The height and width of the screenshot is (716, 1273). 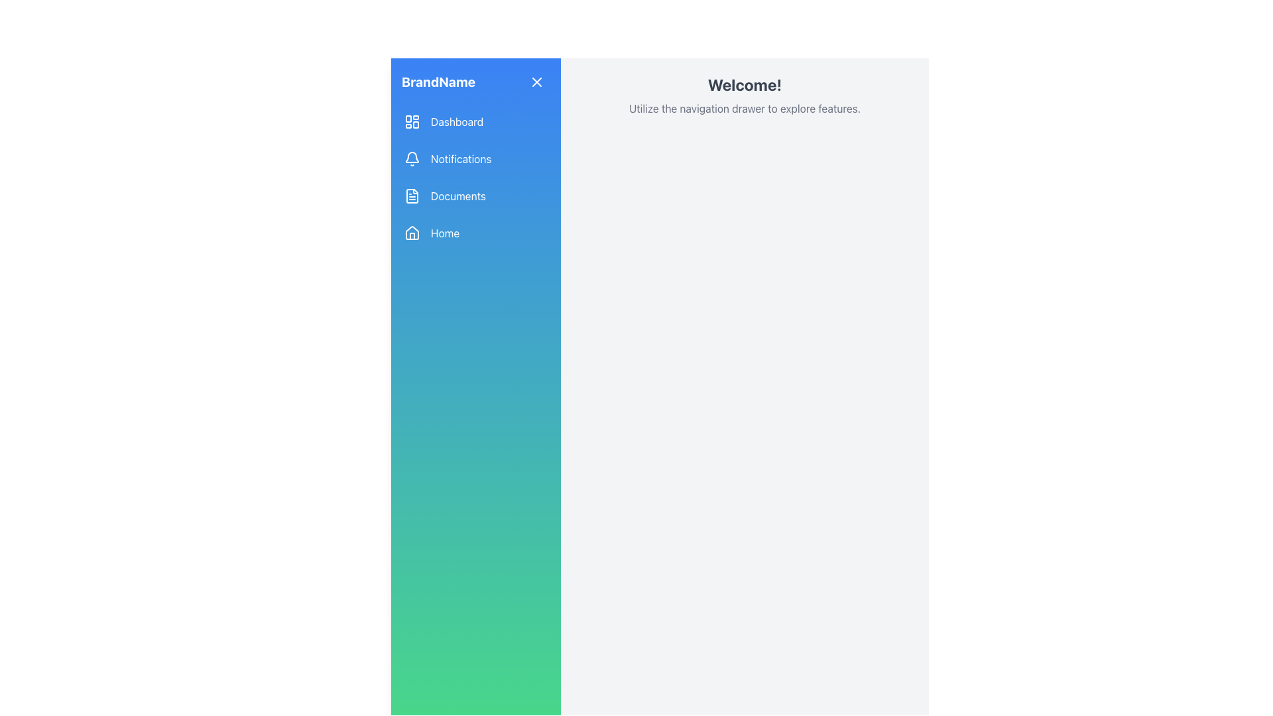 What do you see at coordinates (458, 196) in the screenshot?
I see `the 'Documents' label in the vertical navigation menu, which is displayed in white font on a blue background, located third from the top` at bounding box center [458, 196].